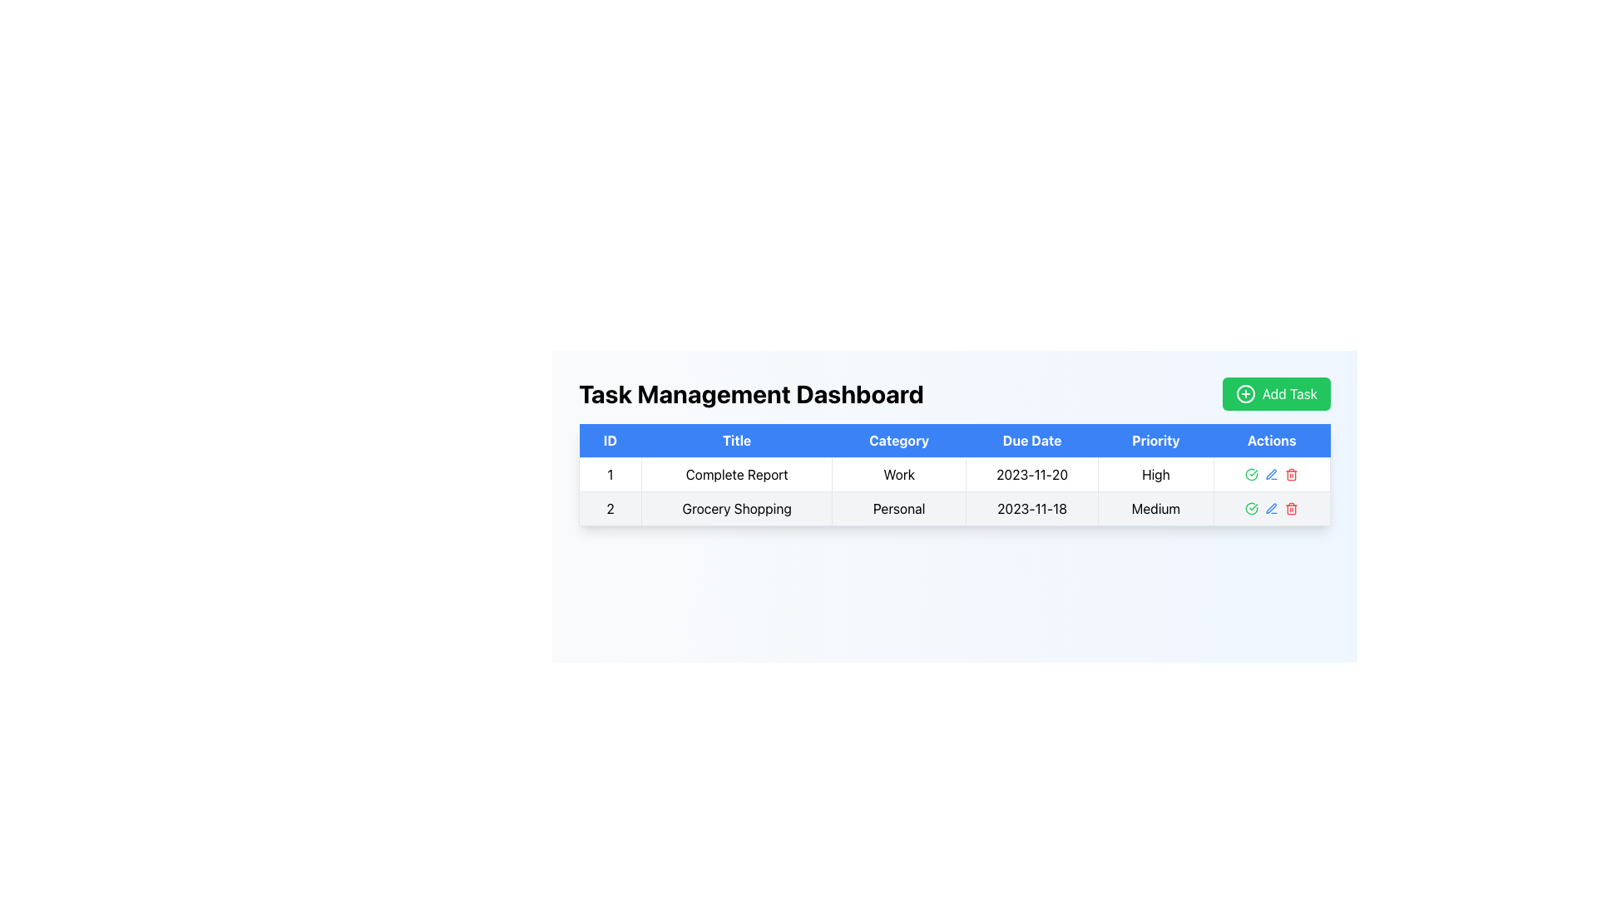 Image resolution: width=1597 pixels, height=898 pixels. I want to click on the blue pen icon in the Actions column of the first row of the task list, so click(1271, 474).